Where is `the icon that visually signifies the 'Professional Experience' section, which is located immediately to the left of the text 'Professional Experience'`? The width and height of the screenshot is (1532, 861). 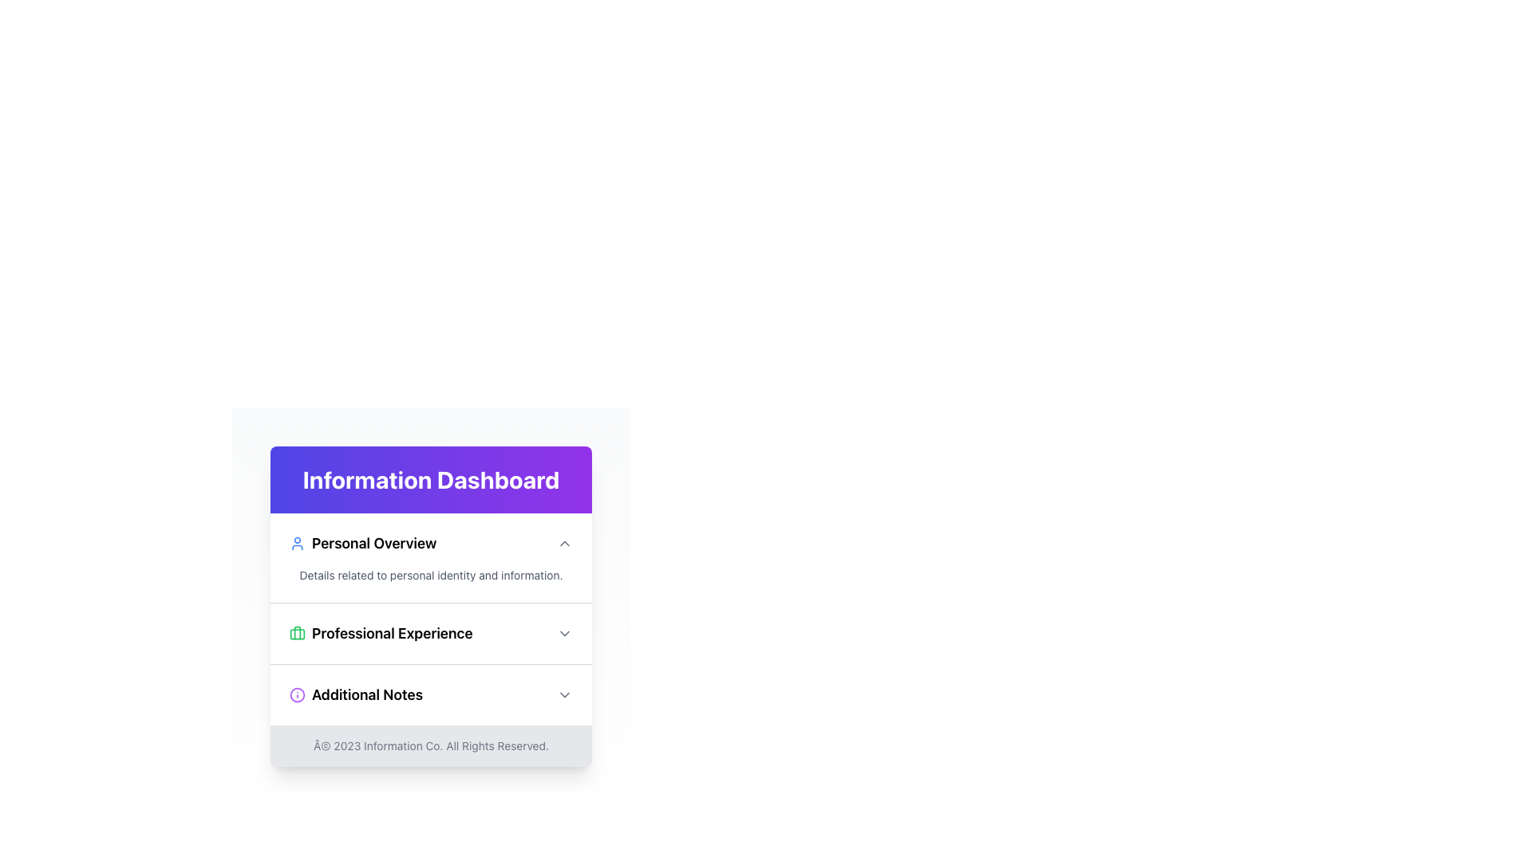
the icon that visually signifies the 'Professional Experience' section, which is located immediately to the left of the text 'Professional Experience' is located at coordinates (298, 632).